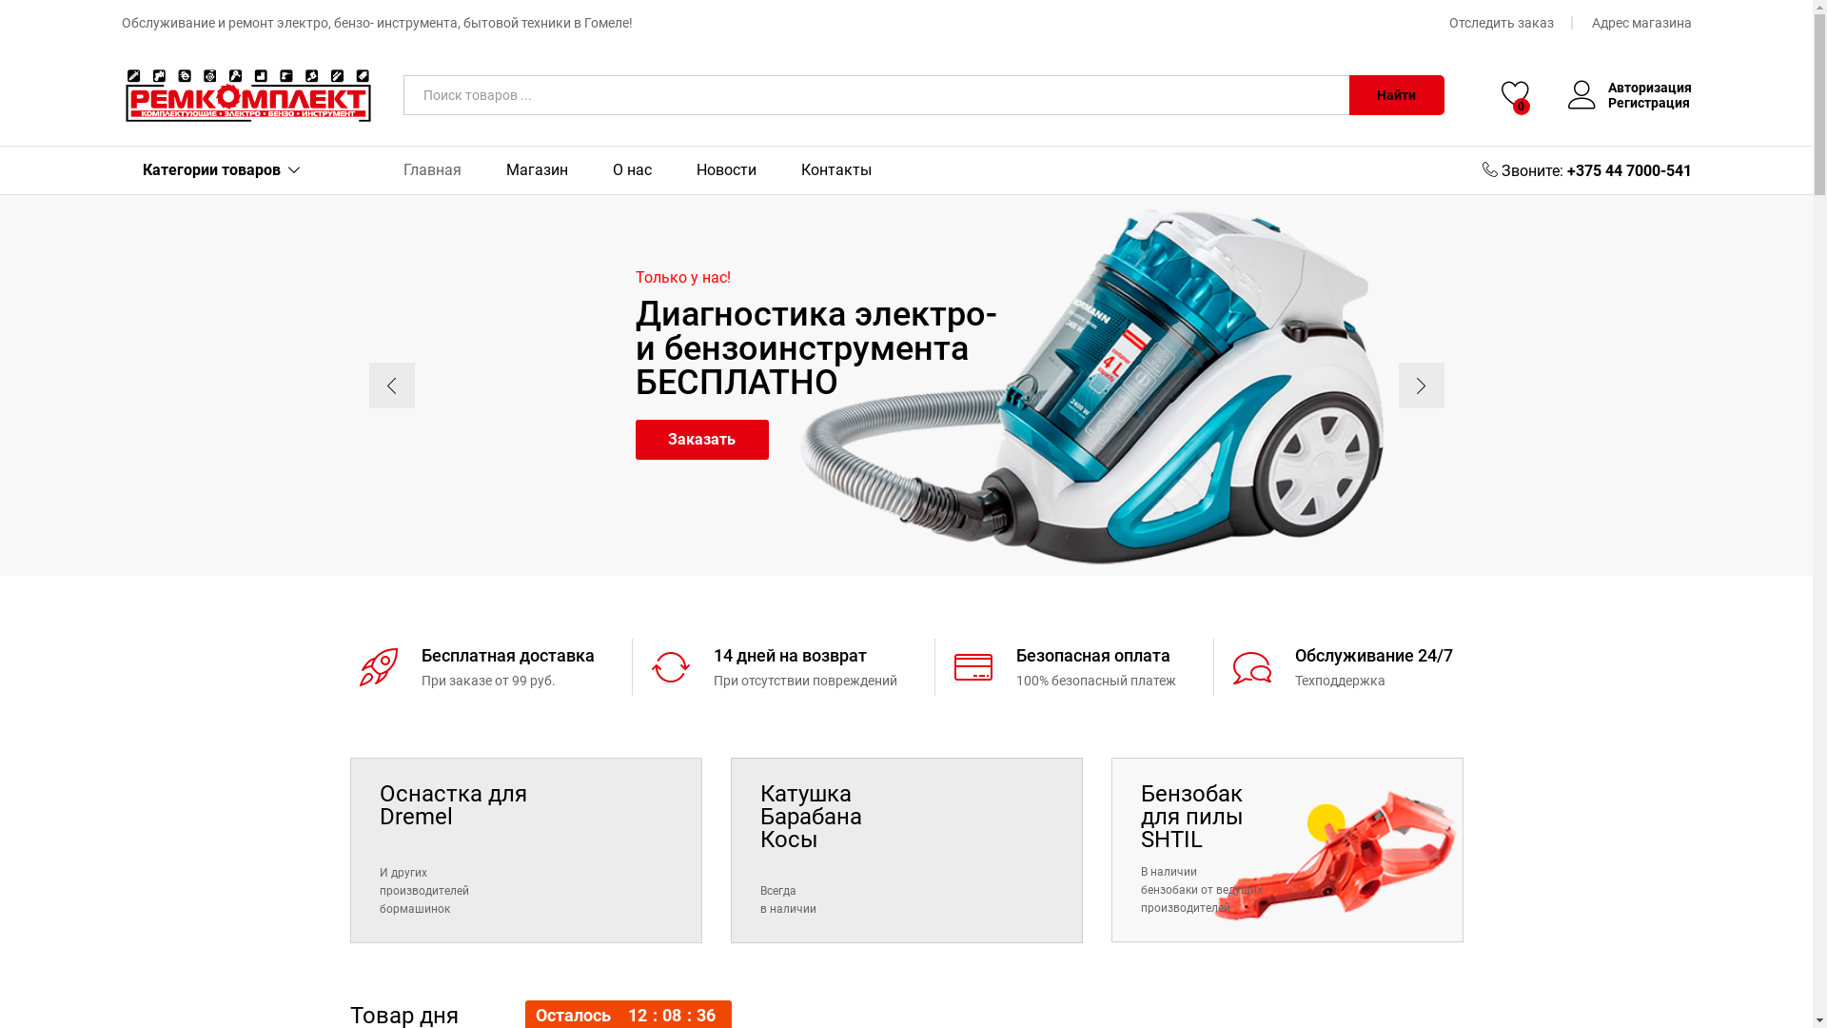 This screenshot has width=1827, height=1028. What do you see at coordinates (1501, 95) in the screenshot?
I see `'0'` at bounding box center [1501, 95].